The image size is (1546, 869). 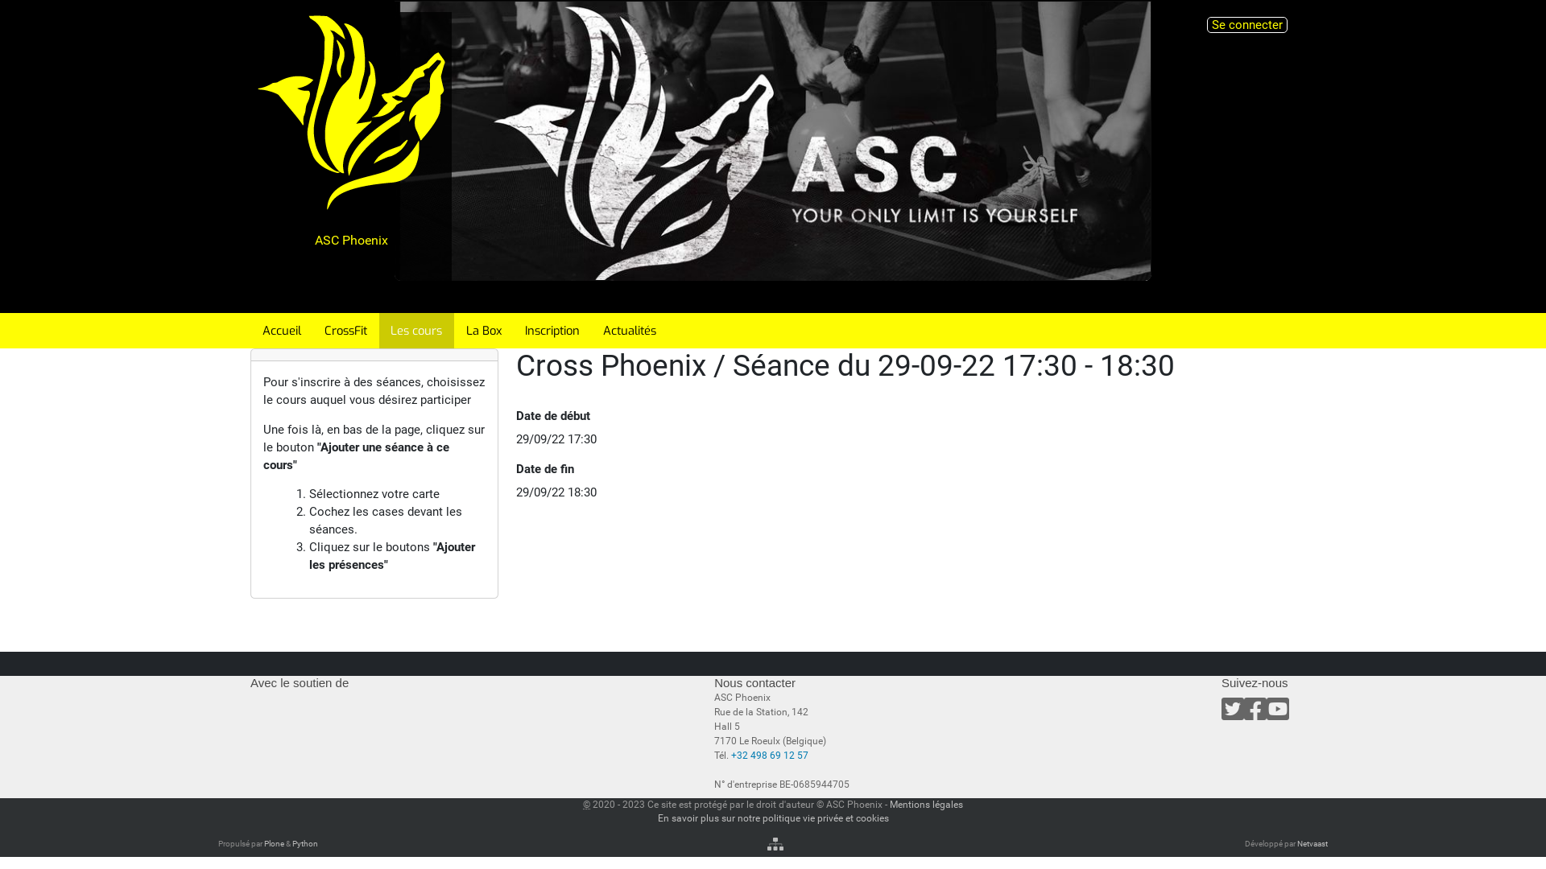 What do you see at coordinates (768, 755) in the screenshot?
I see `'+32 498 69 12 57'` at bounding box center [768, 755].